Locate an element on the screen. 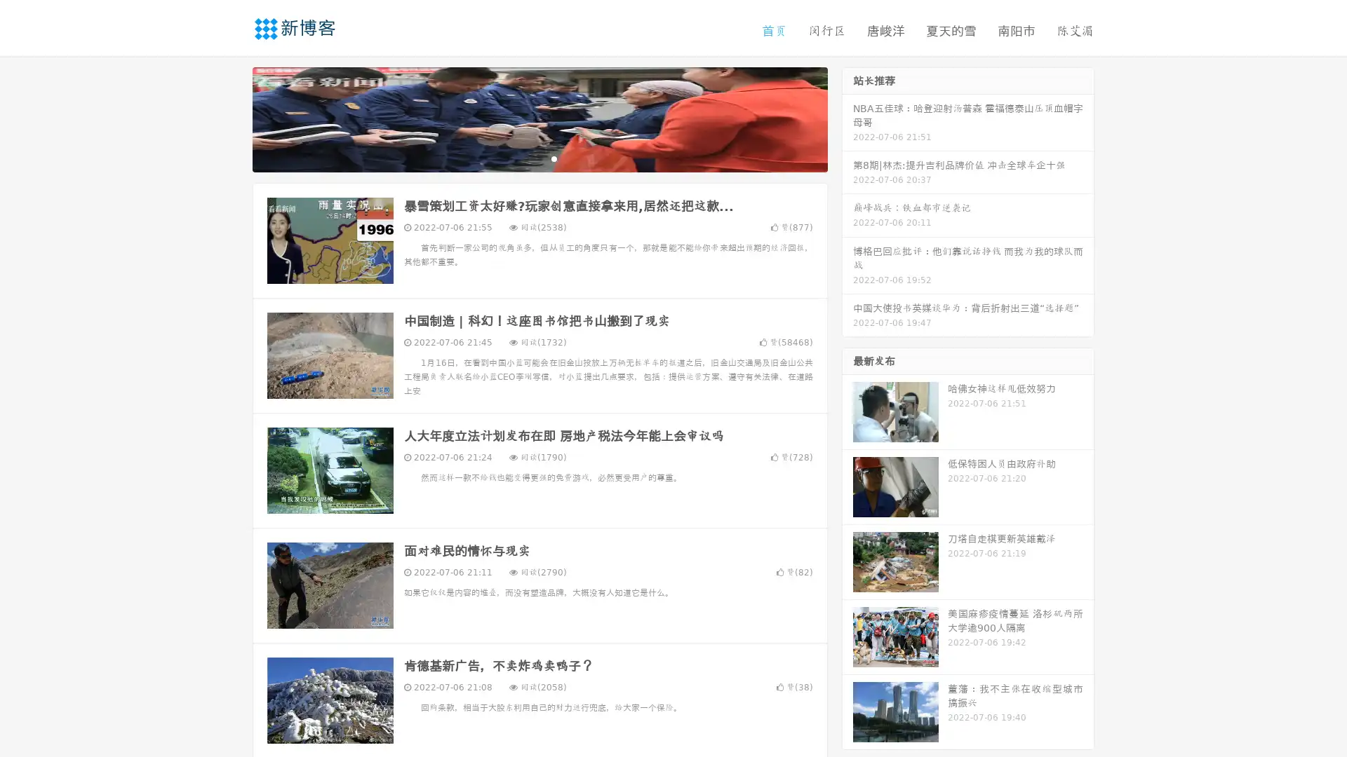 The image size is (1347, 757). Go to slide 3 is located at coordinates (554, 158).